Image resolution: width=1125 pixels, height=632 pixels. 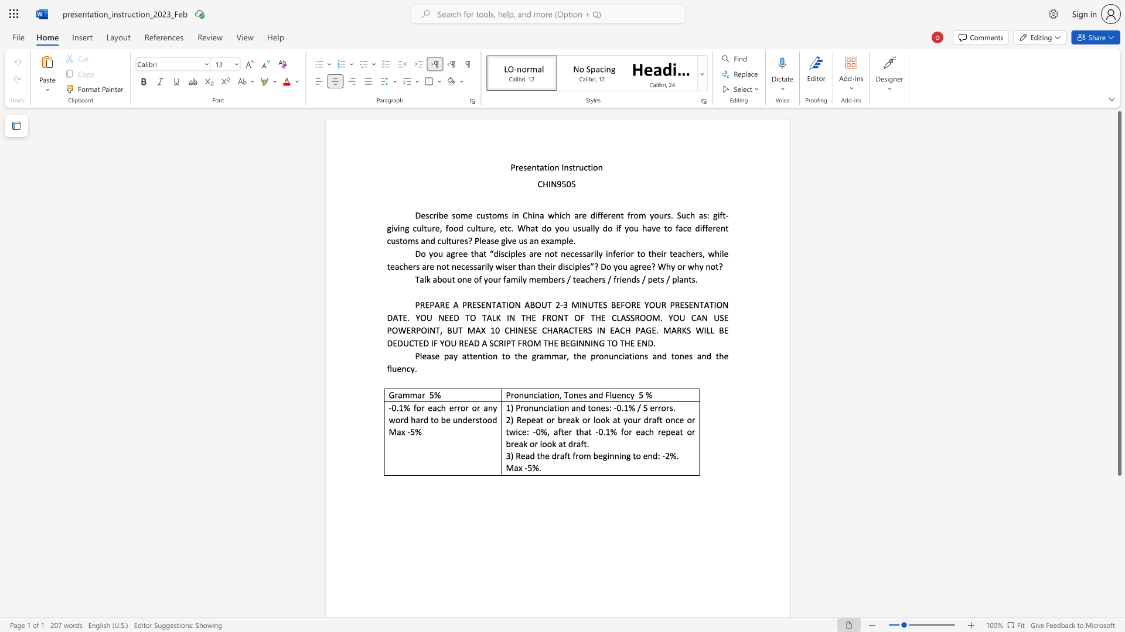 What do you see at coordinates (1119, 602) in the screenshot?
I see `the scrollbar to scroll downward` at bounding box center [1119, 602].